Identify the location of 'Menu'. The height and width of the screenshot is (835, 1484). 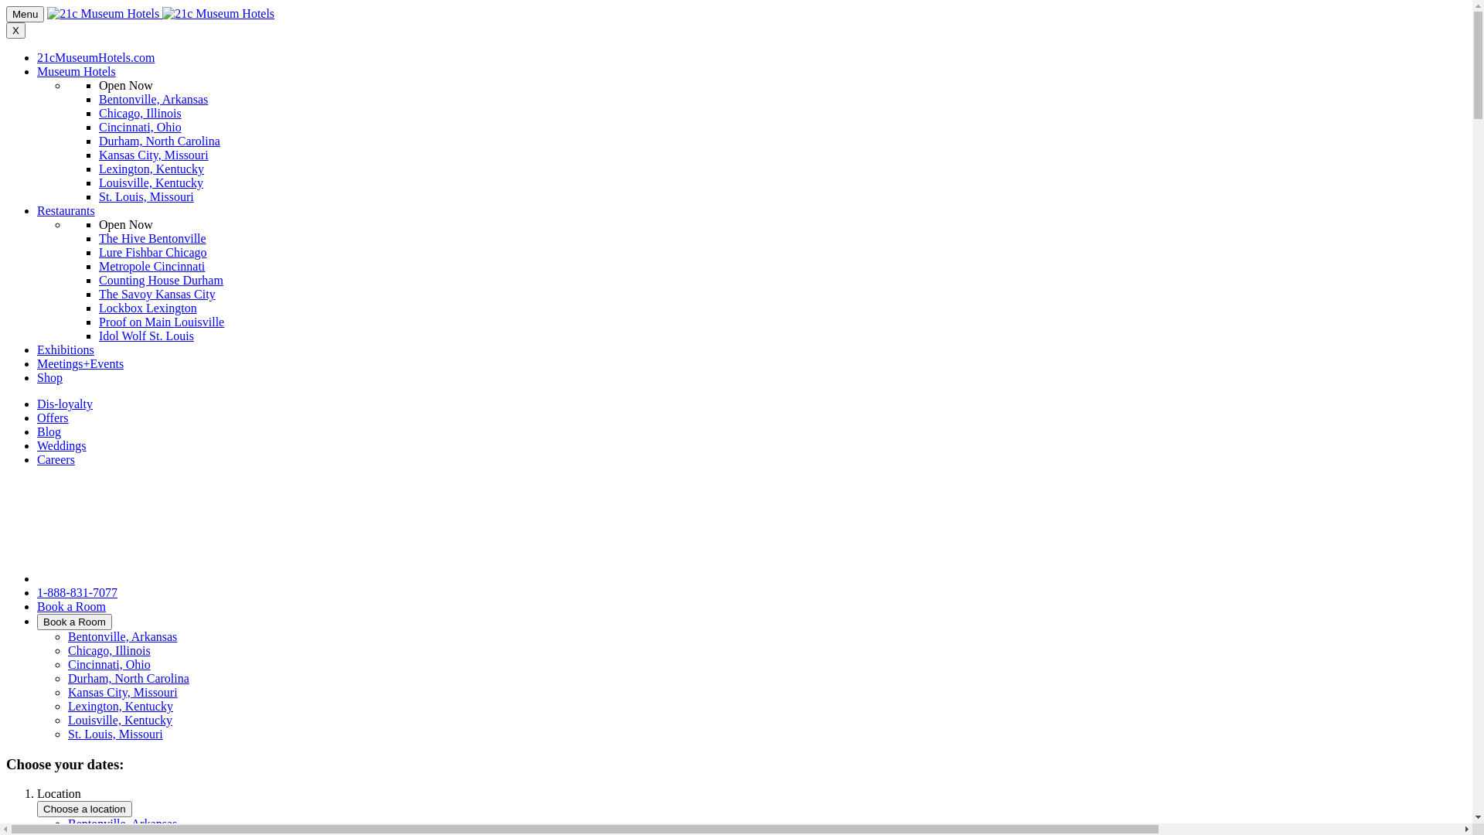
(25, 14).